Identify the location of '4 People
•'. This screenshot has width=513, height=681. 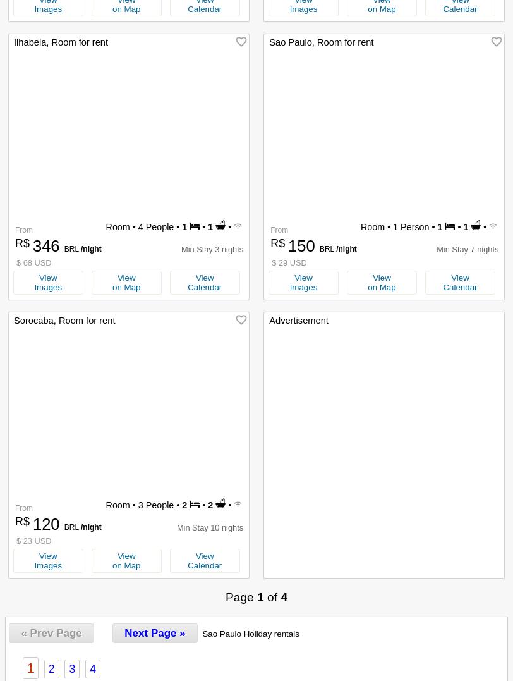
(158, 226).